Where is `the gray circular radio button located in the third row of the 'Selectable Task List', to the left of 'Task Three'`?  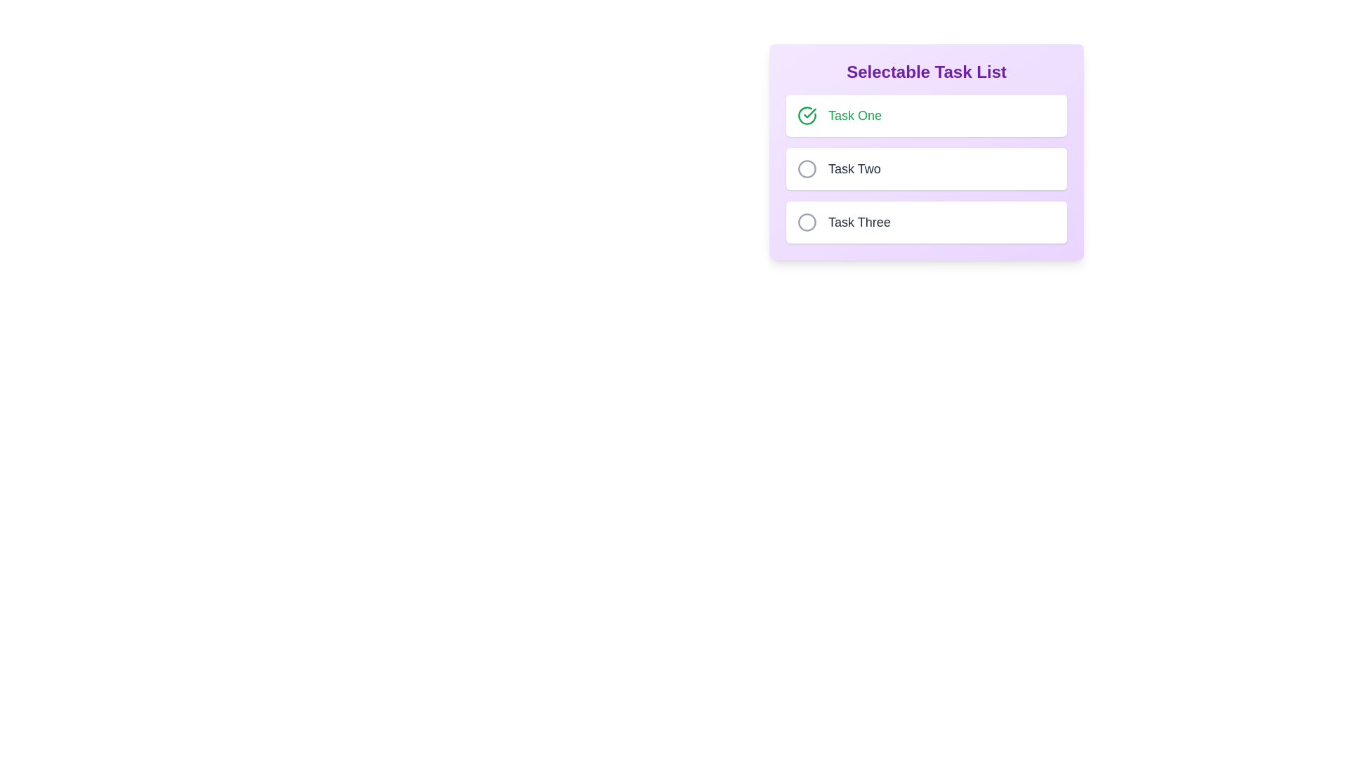
the gray circular radio button located in the third row of the 'Selectable Task List', to the left of 'Task Three' is located at coordinates (807, 221).